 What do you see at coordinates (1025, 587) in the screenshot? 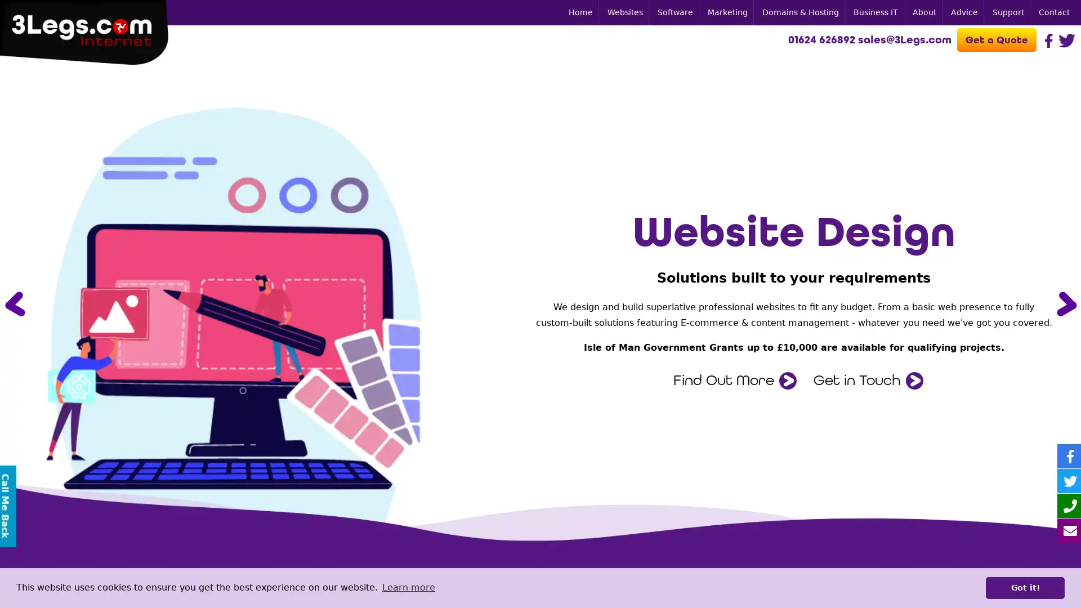
I see `dismiss cookie message` at bounding box center [1025, 587].